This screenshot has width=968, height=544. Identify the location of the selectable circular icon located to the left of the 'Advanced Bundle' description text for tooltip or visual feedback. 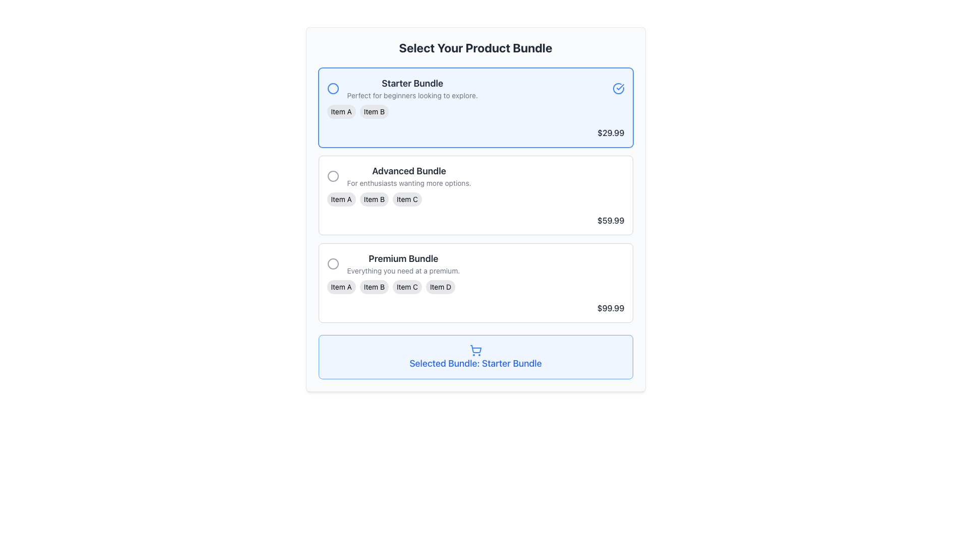
(333, 176).